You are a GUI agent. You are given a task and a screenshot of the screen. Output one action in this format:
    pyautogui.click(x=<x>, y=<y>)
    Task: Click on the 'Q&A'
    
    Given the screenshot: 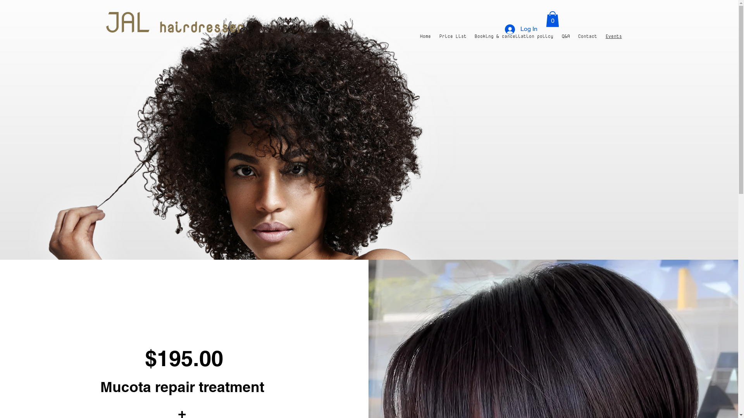 What is the action you would take?
    pyautogui.click(x=566, y=36)
    